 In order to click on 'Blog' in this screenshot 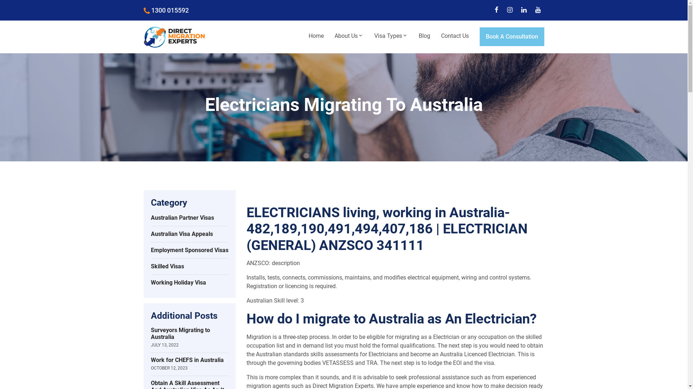, I will do `click(424, 36)`.